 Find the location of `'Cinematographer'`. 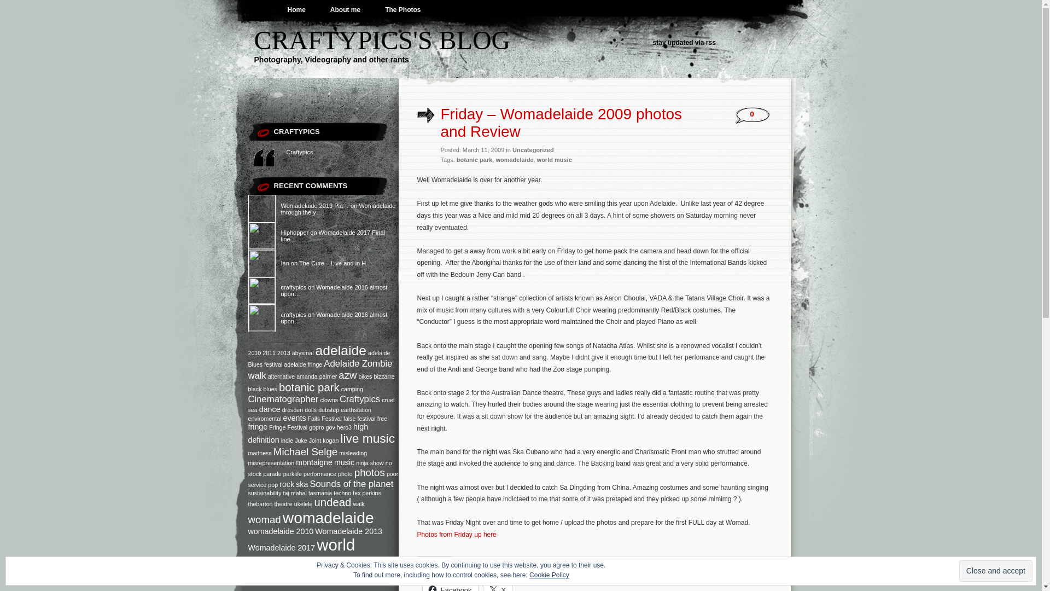

'Cinematographer' is located at coordinates (283, 399).